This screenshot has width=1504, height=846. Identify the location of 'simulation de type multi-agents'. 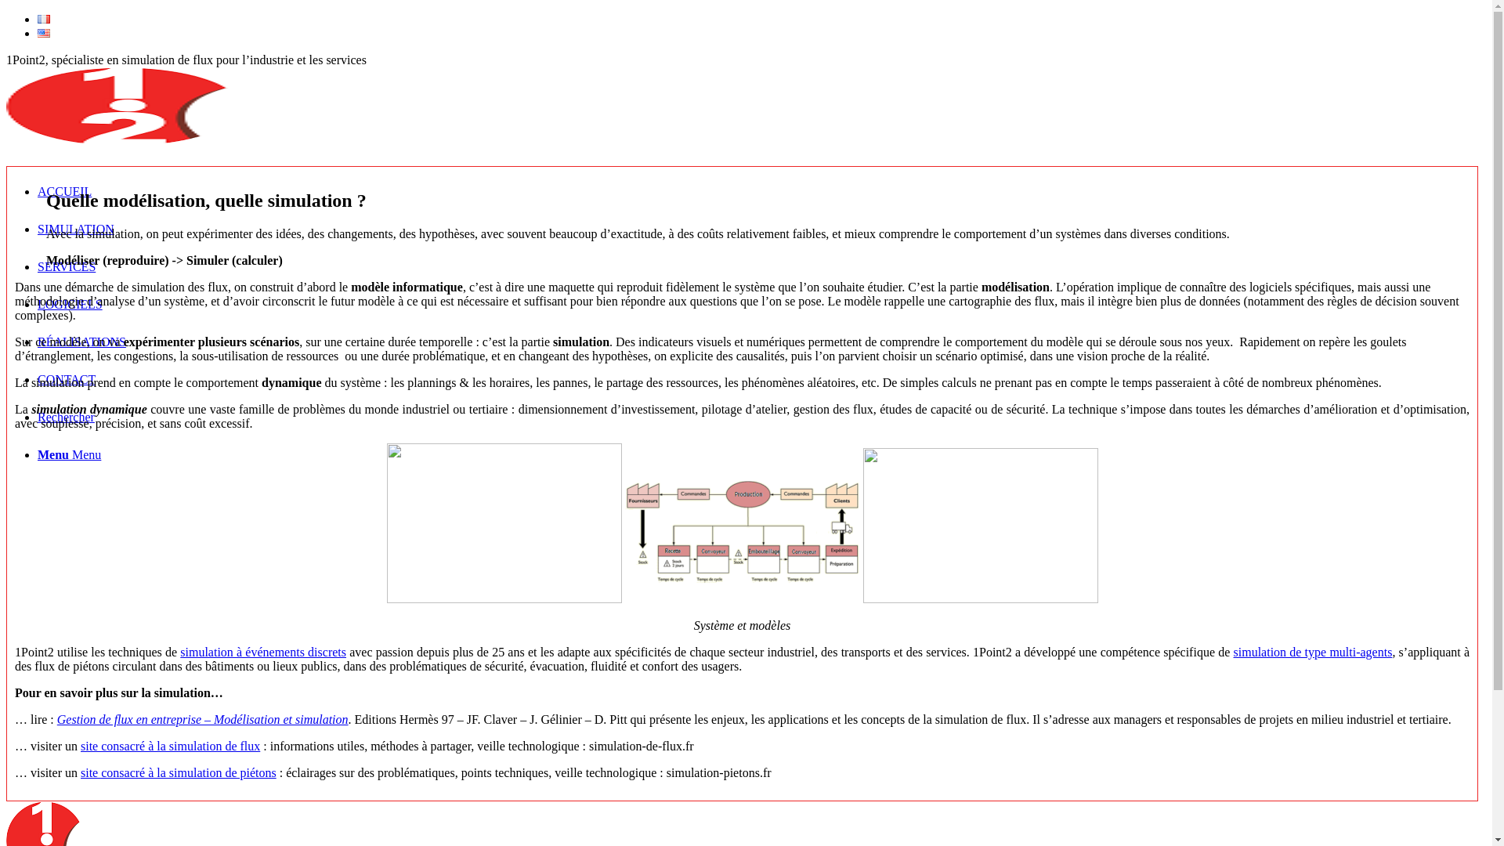
(1313, 652).